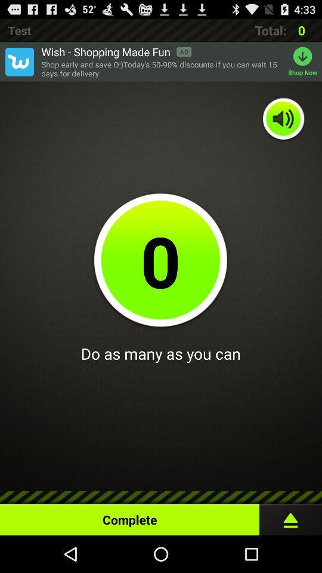  What do you see at coordinates (161, 69) in the screenshot?
I see `the app to the left of shop now` at bounding box center [161, 69].